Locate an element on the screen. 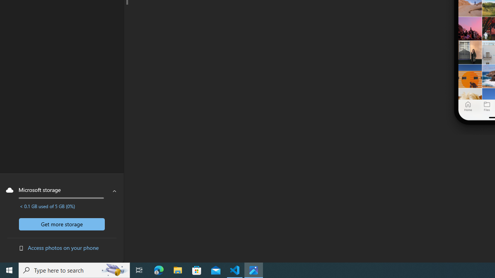 The height and width of the screenshot is (278, 495). 'Search highlights icon opens search home window' is located at coordinates (114, 270).